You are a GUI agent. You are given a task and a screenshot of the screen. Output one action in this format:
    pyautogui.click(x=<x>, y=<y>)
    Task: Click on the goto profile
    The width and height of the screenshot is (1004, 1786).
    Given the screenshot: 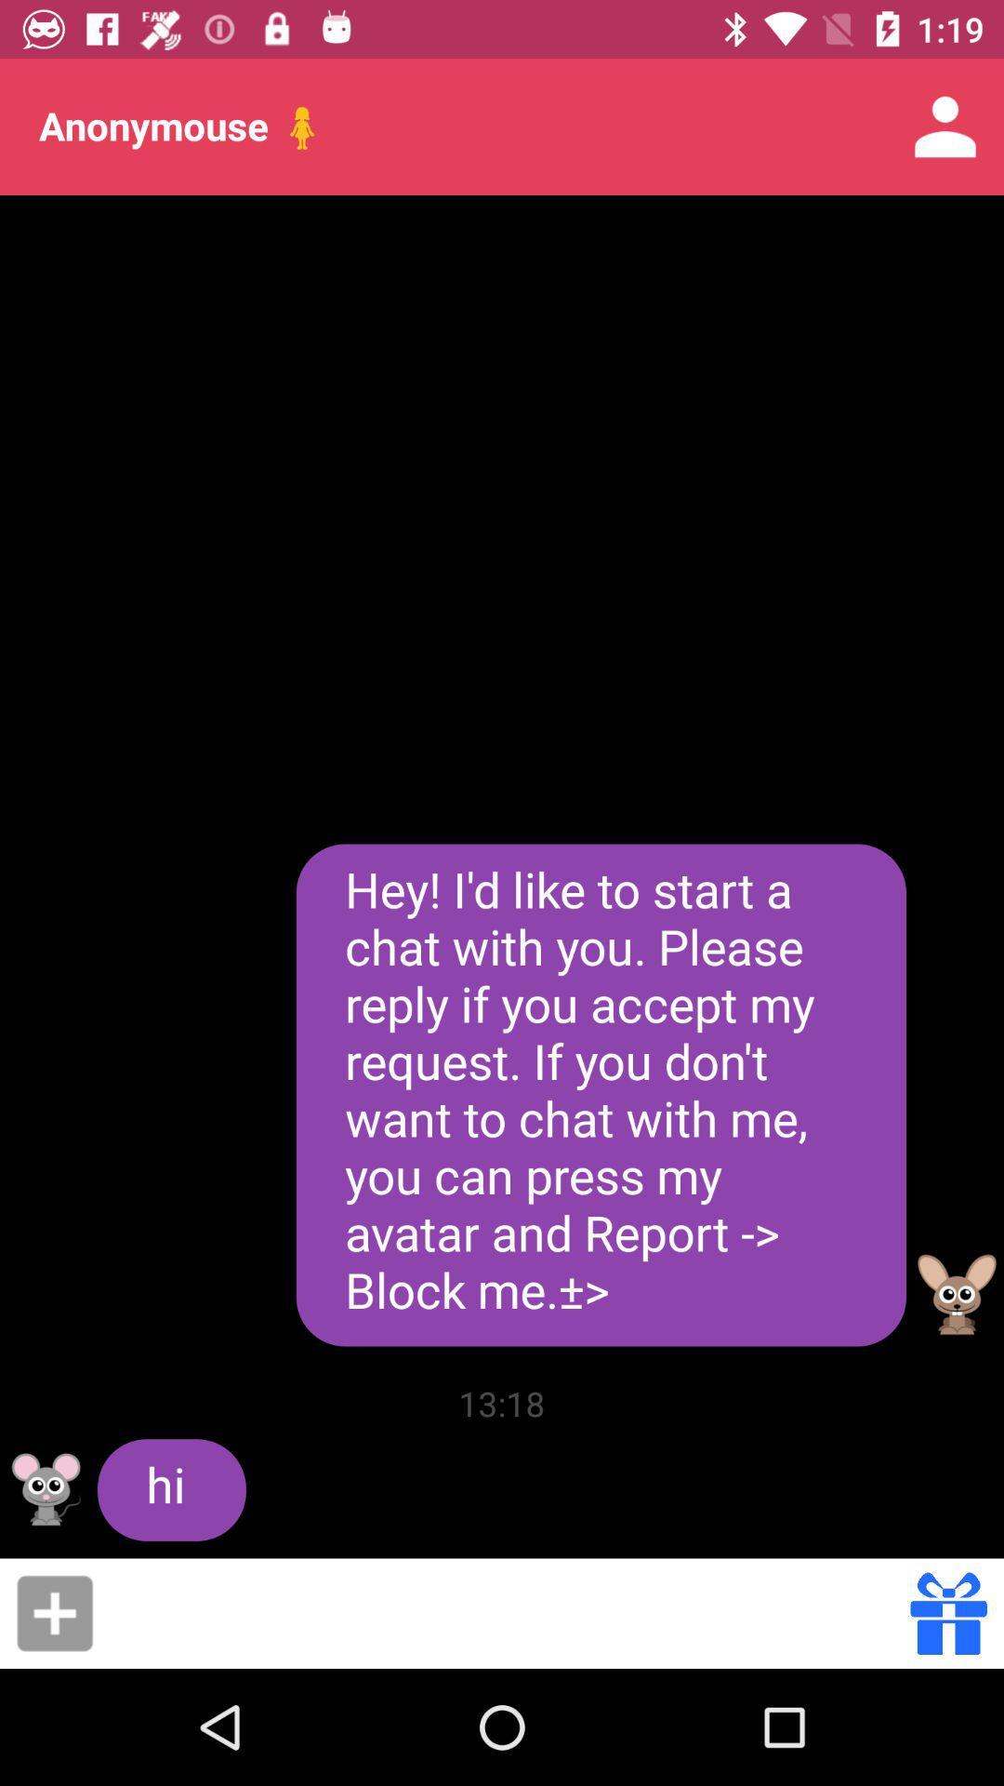 What is the action you would take?
    pyautogui.click(x=957, y=1294)
    